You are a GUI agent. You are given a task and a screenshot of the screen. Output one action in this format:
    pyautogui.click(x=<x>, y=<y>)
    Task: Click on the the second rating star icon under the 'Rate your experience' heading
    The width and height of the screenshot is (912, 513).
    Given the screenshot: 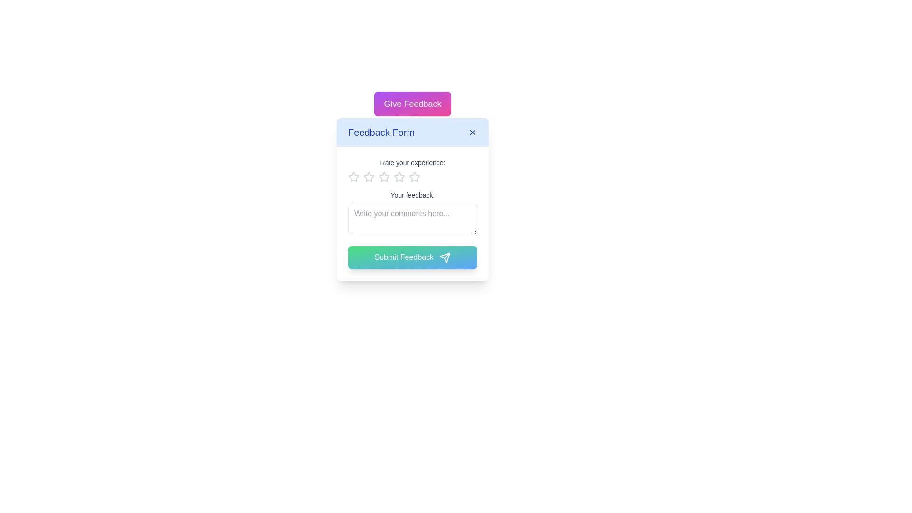 What is the action you would take?
    pyautogui.click(x=384, y=177)
    